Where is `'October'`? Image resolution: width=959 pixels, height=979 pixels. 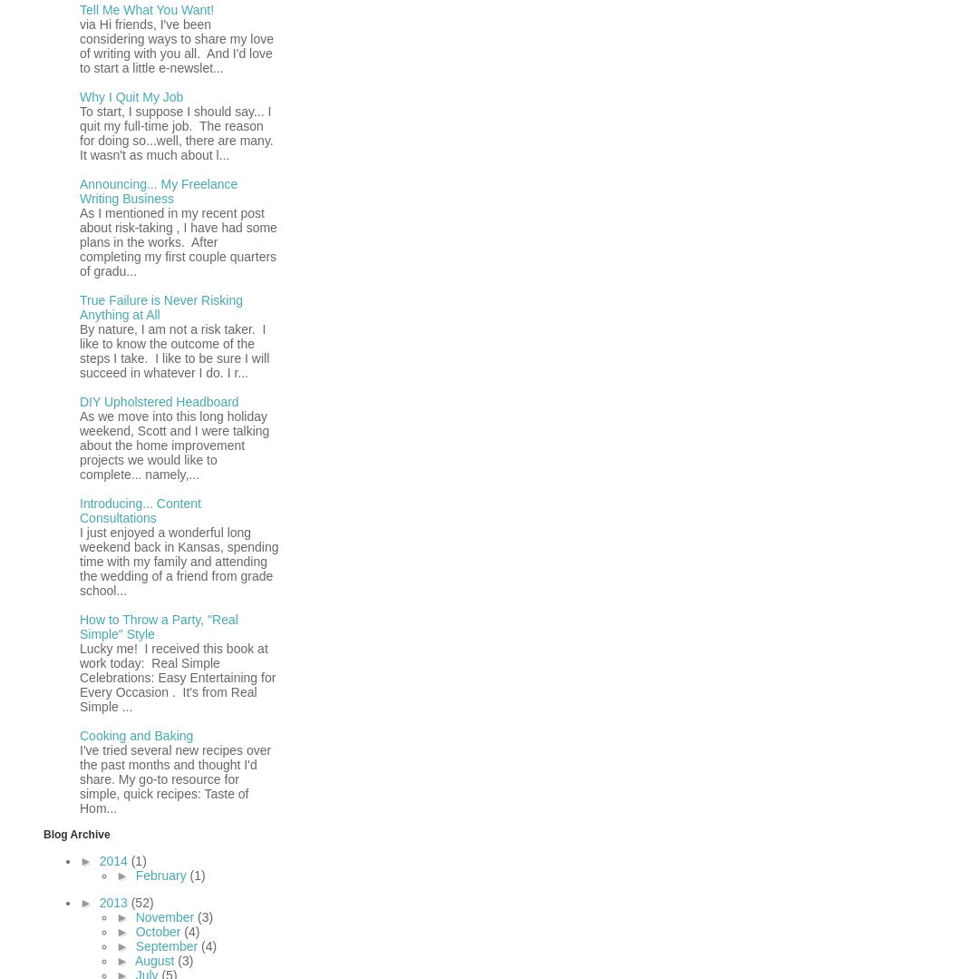
'October' is located at coordinates (159, 931).